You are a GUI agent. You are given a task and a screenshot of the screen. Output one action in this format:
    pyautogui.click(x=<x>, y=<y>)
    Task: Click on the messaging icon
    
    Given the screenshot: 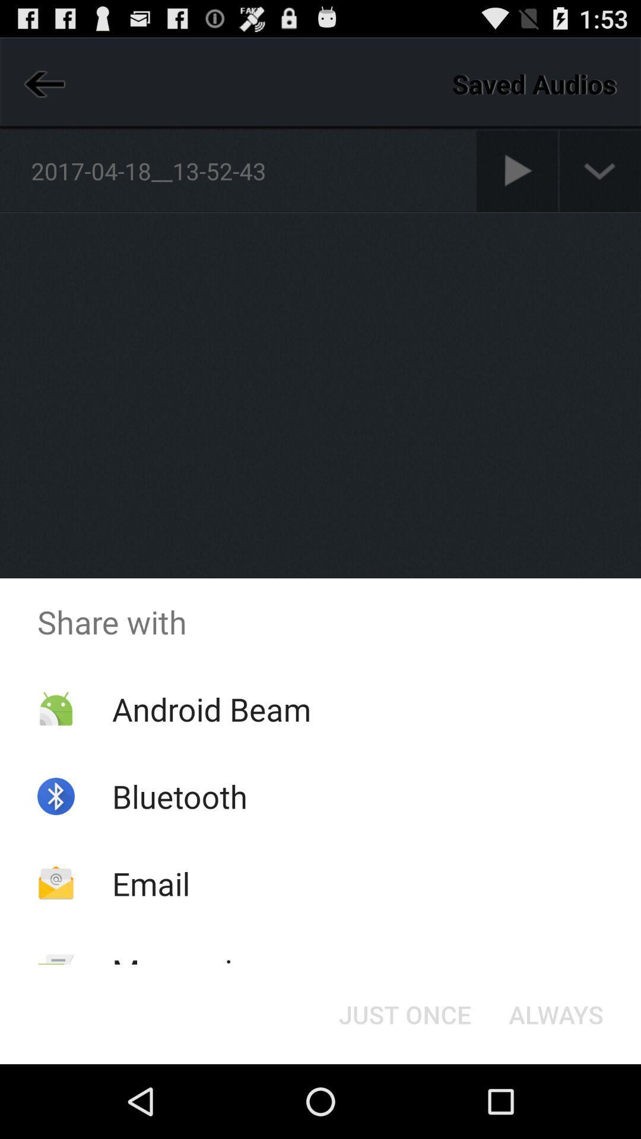 What is the action you would take?
    pyautogui.click(x=189, y=971)
    